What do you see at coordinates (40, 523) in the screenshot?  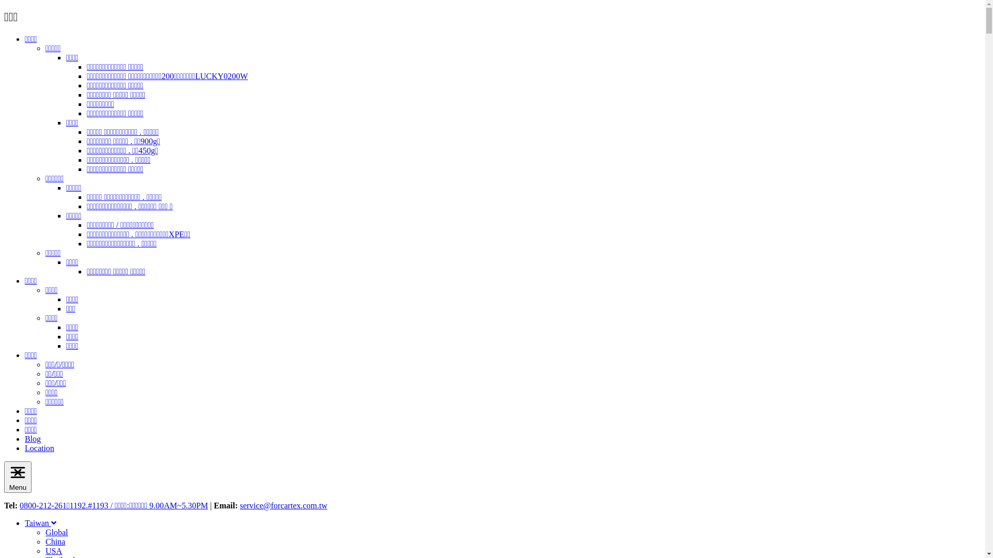 I see `'Taiwan'` at bounding box center [40, 523].